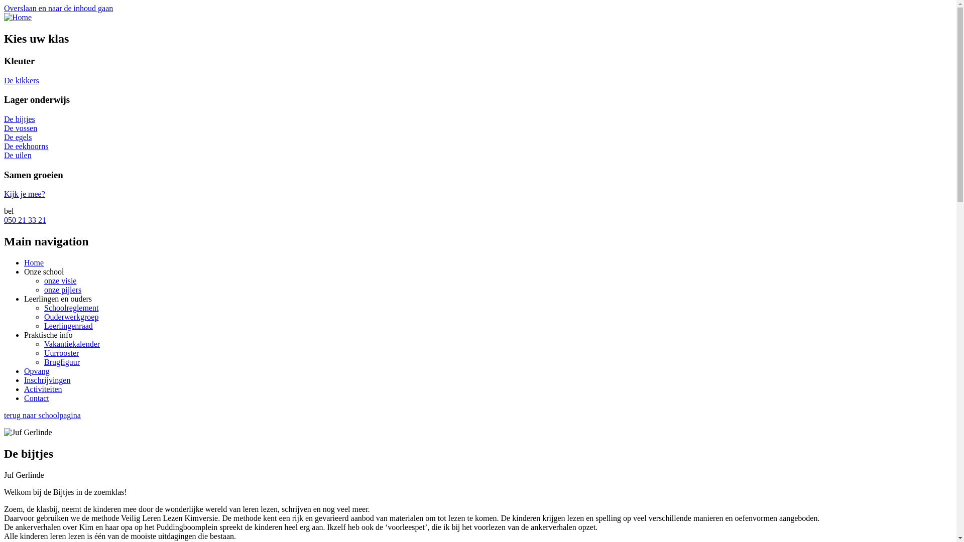 The image size is (964, 542). Describe the element at coordinates (43, 388) in the screenshot. I see `'Activiteiten'` at that location.